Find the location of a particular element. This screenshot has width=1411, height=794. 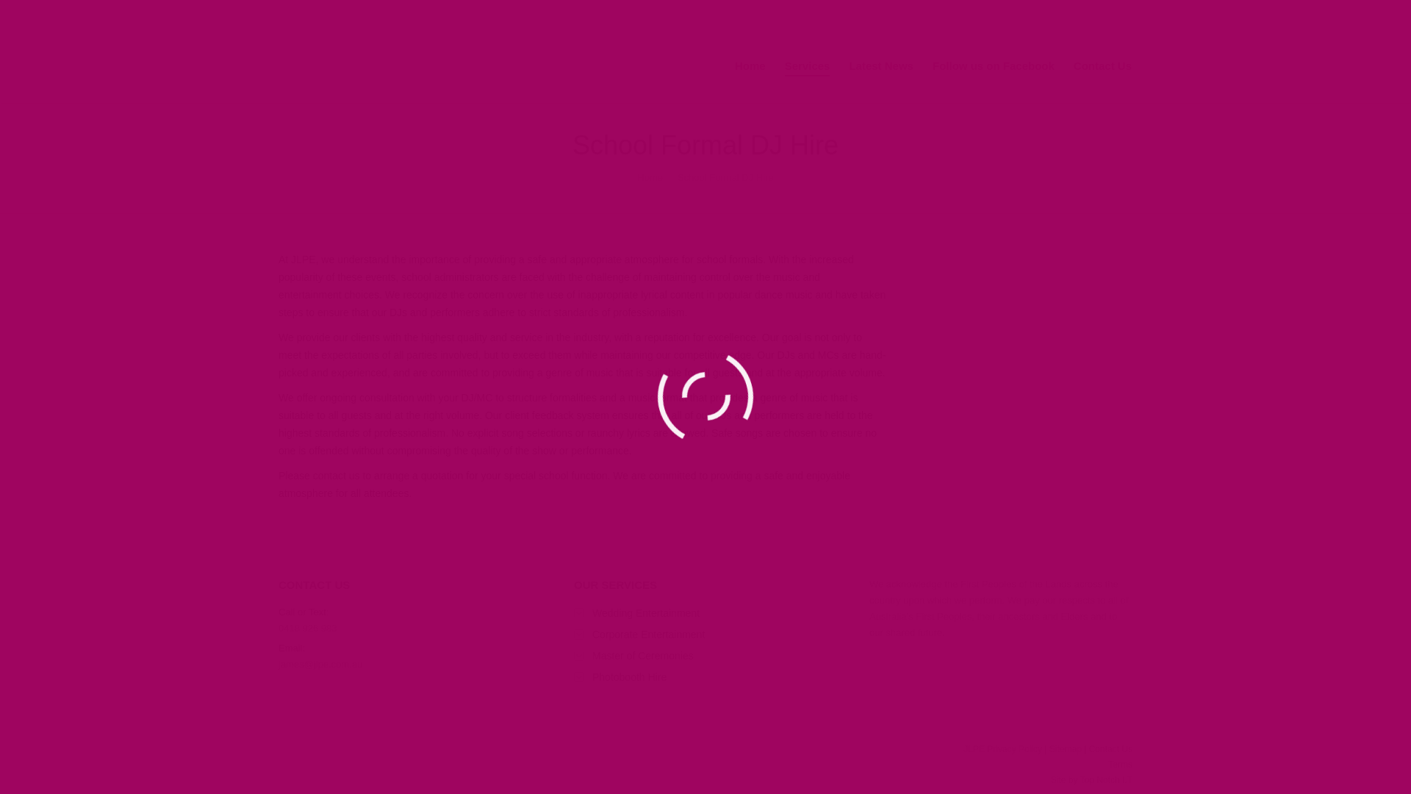

'Master of Ceremonies' is located at coordinates (633, 654).